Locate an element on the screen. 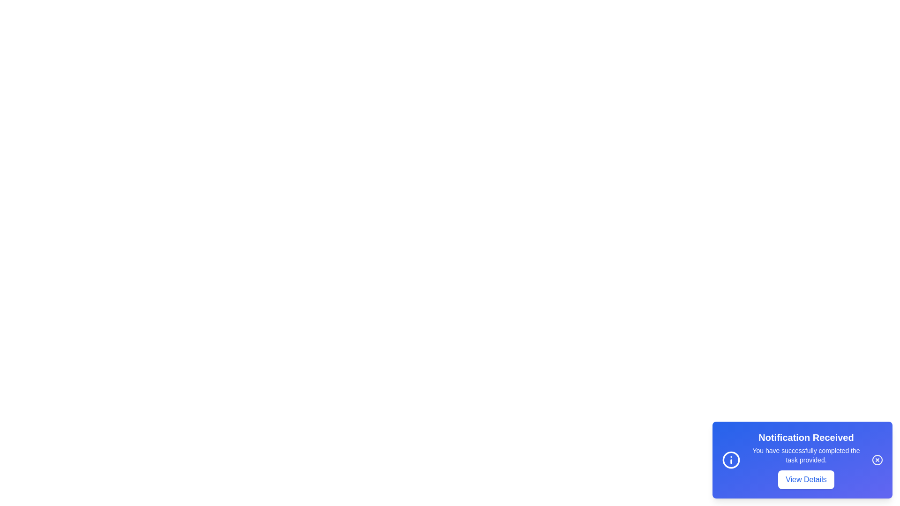  the 'View Details' button is located at coordinates (805, 479).